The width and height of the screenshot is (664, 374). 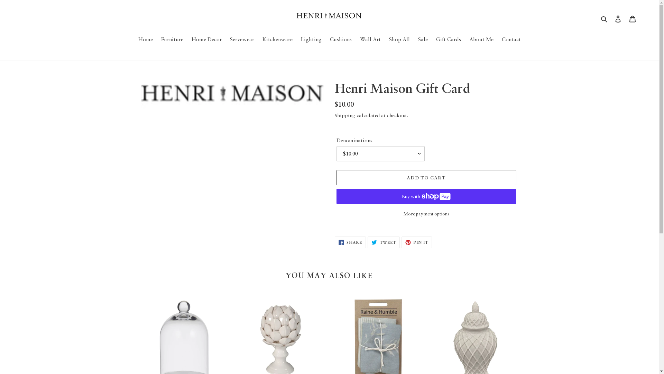 I want to click on 'More payment options', so click(x=426, y=213).